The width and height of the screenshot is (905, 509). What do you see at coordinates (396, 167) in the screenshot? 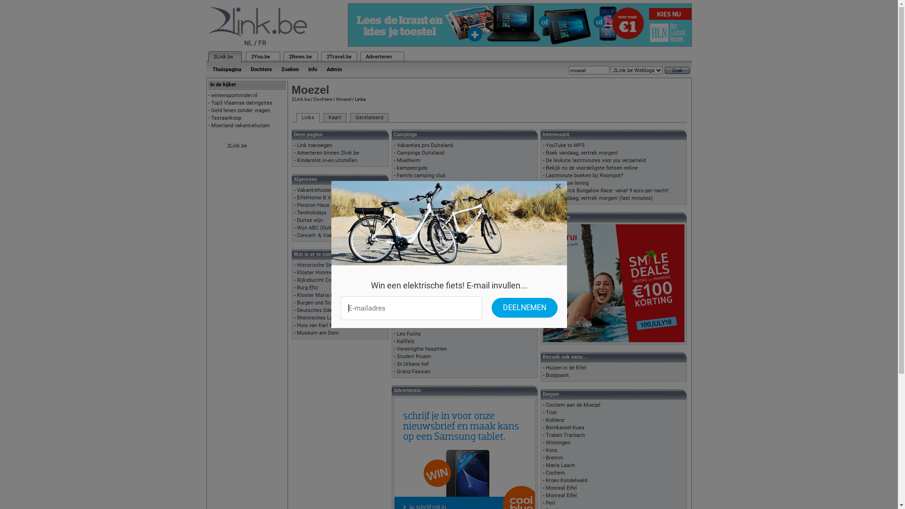
I see `'kampeergids'` at bounding box center [396, 167].